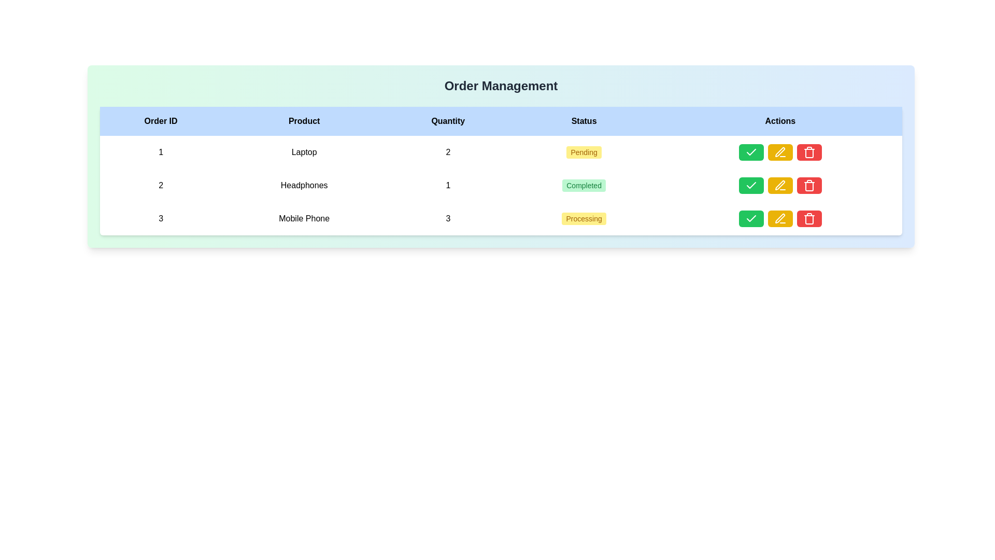 The height and width of the screenshot is (560, 995). Describe the element at coordinates (751, 185) in the screenshot. I see `the green checkmark icon in the 'Actions' column of the second row corresponding to the product 'Headphones'` at that location.